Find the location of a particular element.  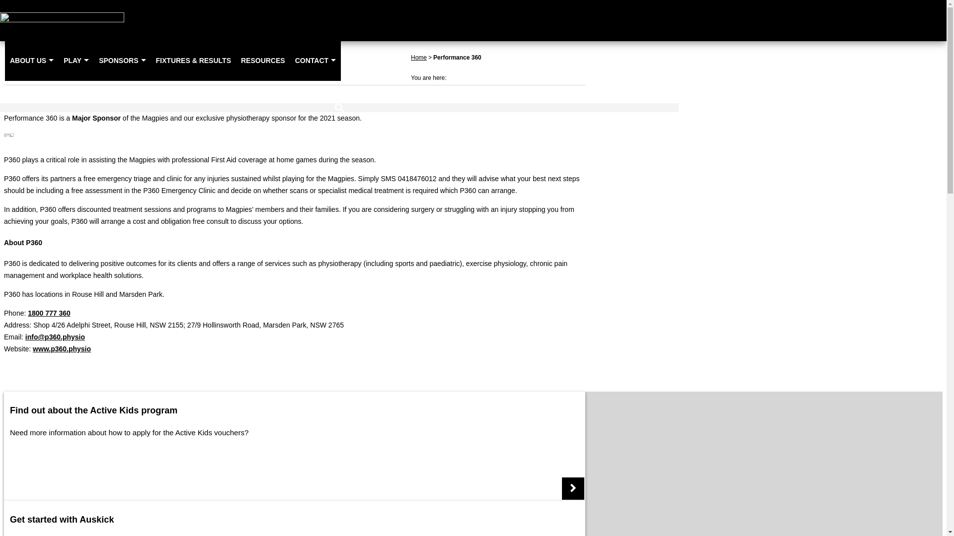

'1800 777 360' is located at coordinates (49, 313).